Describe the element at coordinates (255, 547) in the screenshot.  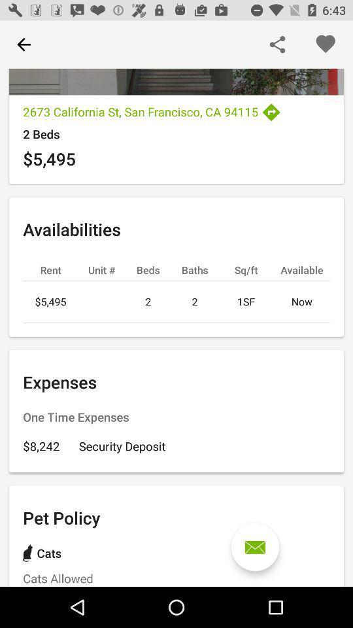
I see `icon at the bottom right corner` at that location.